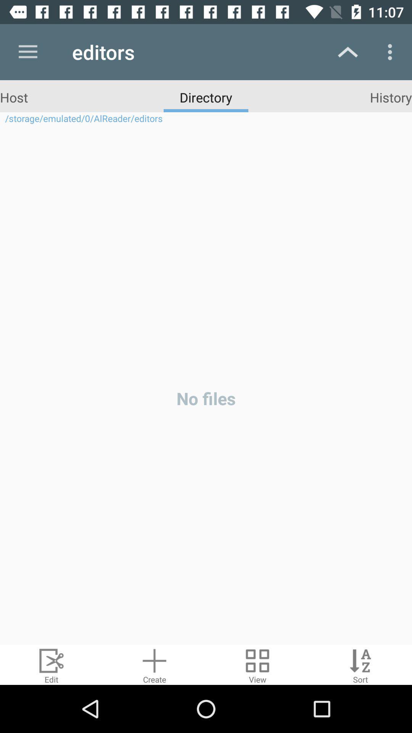  What do you see at coordinates (391, 97) in the screenshot?
I see `app to the right of directory` at bounding box center [391, 97].